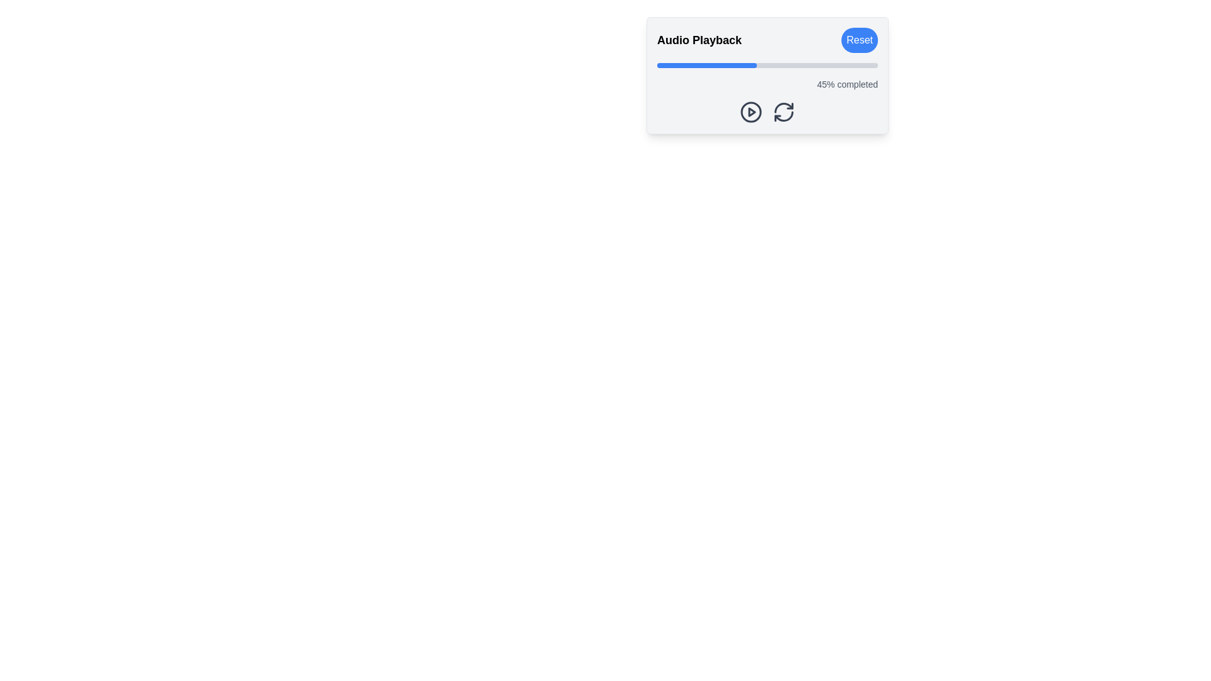  Describe the element at coordinates (751, 111) in the screenshot. I see `the decorative circle SVG element that serves as the outer boundary of the play button for audio playback, located to the left of the reset button in the control panel area` at that location.